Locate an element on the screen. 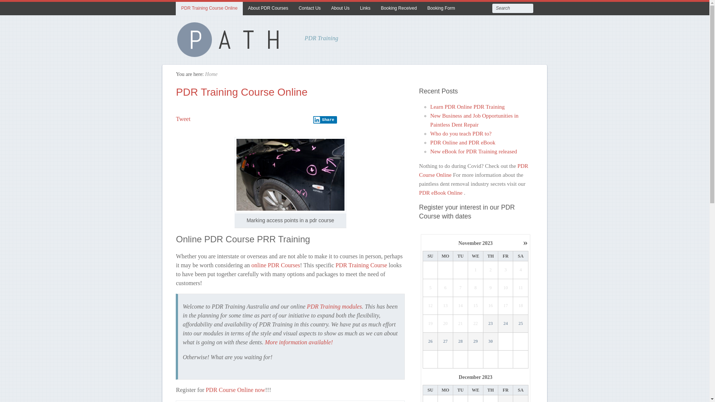 The width and height of the screenshot is (715, 402). 'Tweet' is located at coordinates (183, 118).